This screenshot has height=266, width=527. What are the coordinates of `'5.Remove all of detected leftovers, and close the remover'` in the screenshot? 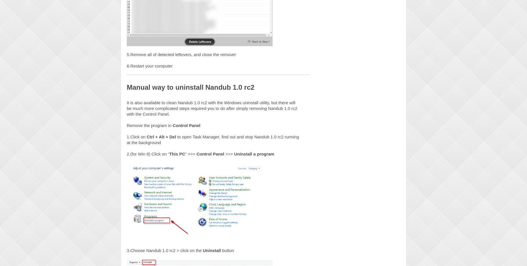 It's located at (126, 54).